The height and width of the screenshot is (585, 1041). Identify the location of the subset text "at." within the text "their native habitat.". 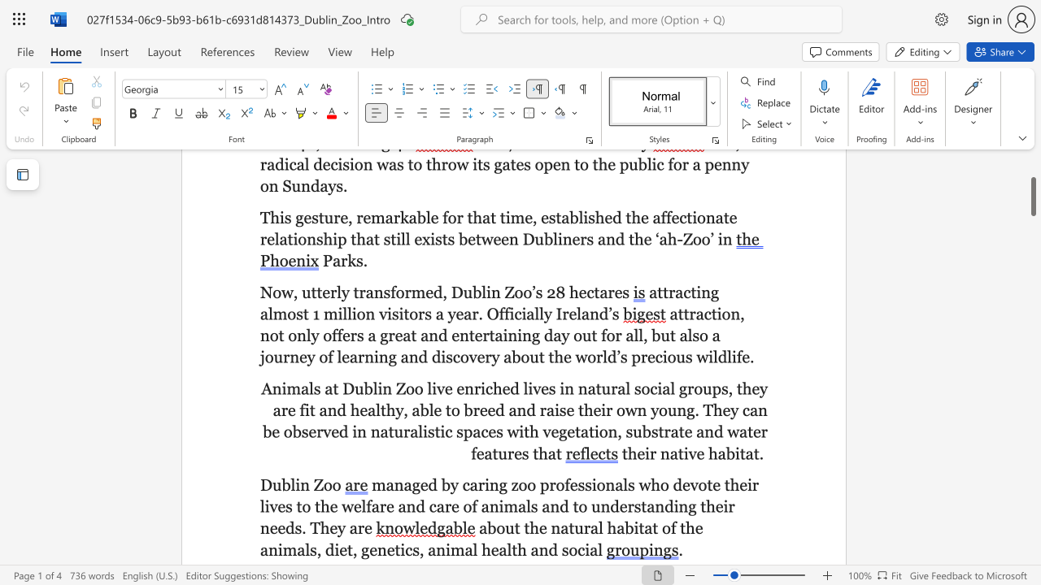
(744, 453).